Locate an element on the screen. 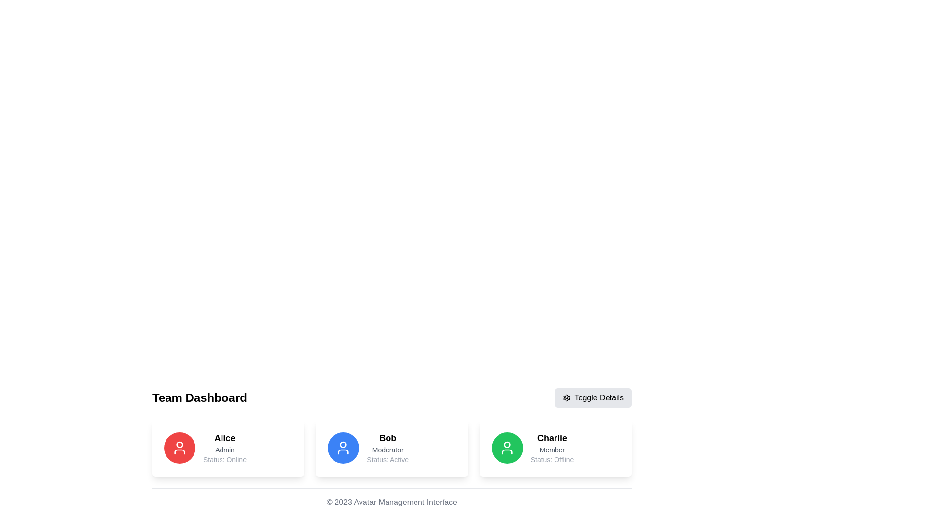 The width and height of the screenshot is (943, 530). text content from the Text Content Block displaying 'Charlie', 'Member', and 'Status: Offline', which is located on the far right of a series of three cards is located at coordinates (552, 448).